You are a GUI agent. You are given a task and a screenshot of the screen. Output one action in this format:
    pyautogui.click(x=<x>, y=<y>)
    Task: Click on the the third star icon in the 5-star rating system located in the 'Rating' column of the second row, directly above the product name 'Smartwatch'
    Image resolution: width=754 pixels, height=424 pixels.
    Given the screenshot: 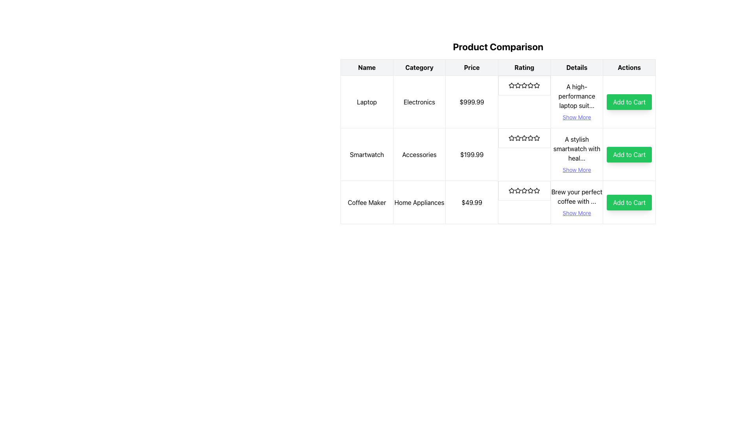 What is the action you would take?
    pyautogui.click(x=531, y=137)
    